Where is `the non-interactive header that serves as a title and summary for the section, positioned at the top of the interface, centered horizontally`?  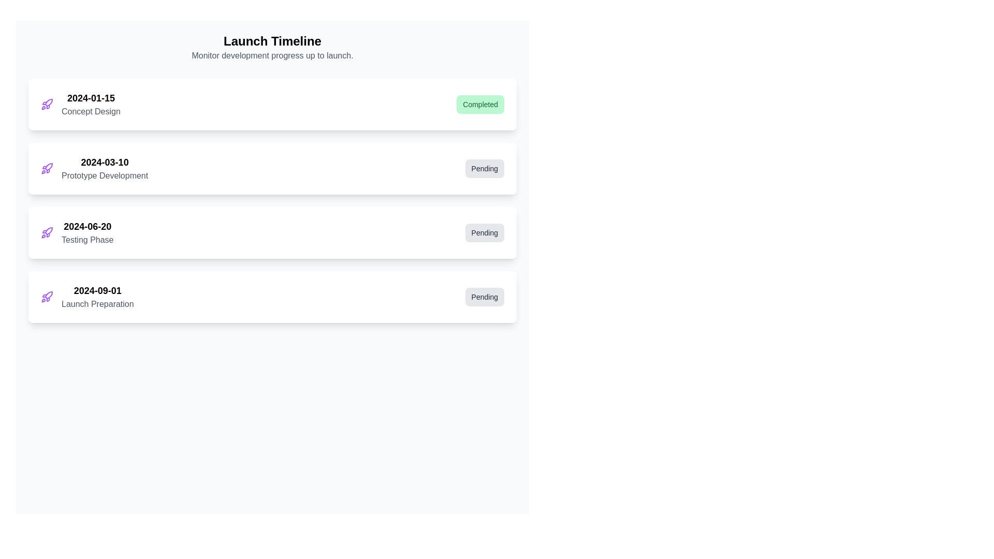
the non-interactive header that serves as a title and summary for the section, positioned at the top of the interface, centered horizontally is located at coordinates (272, 48).